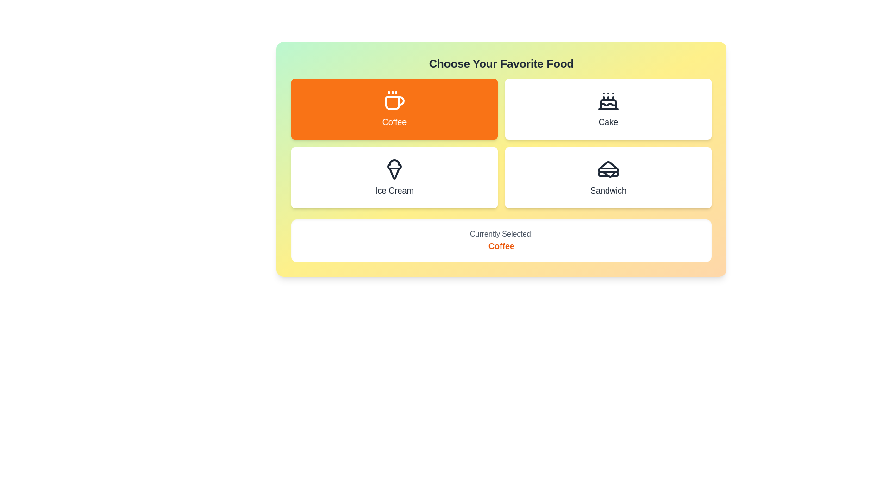 The height and width of the screenshot is (500, 889). What do you see at coordinates (394, 108) in the screenshot?
I see `the button corresponding to Coffee to select it` at bounding box center [394, 108].